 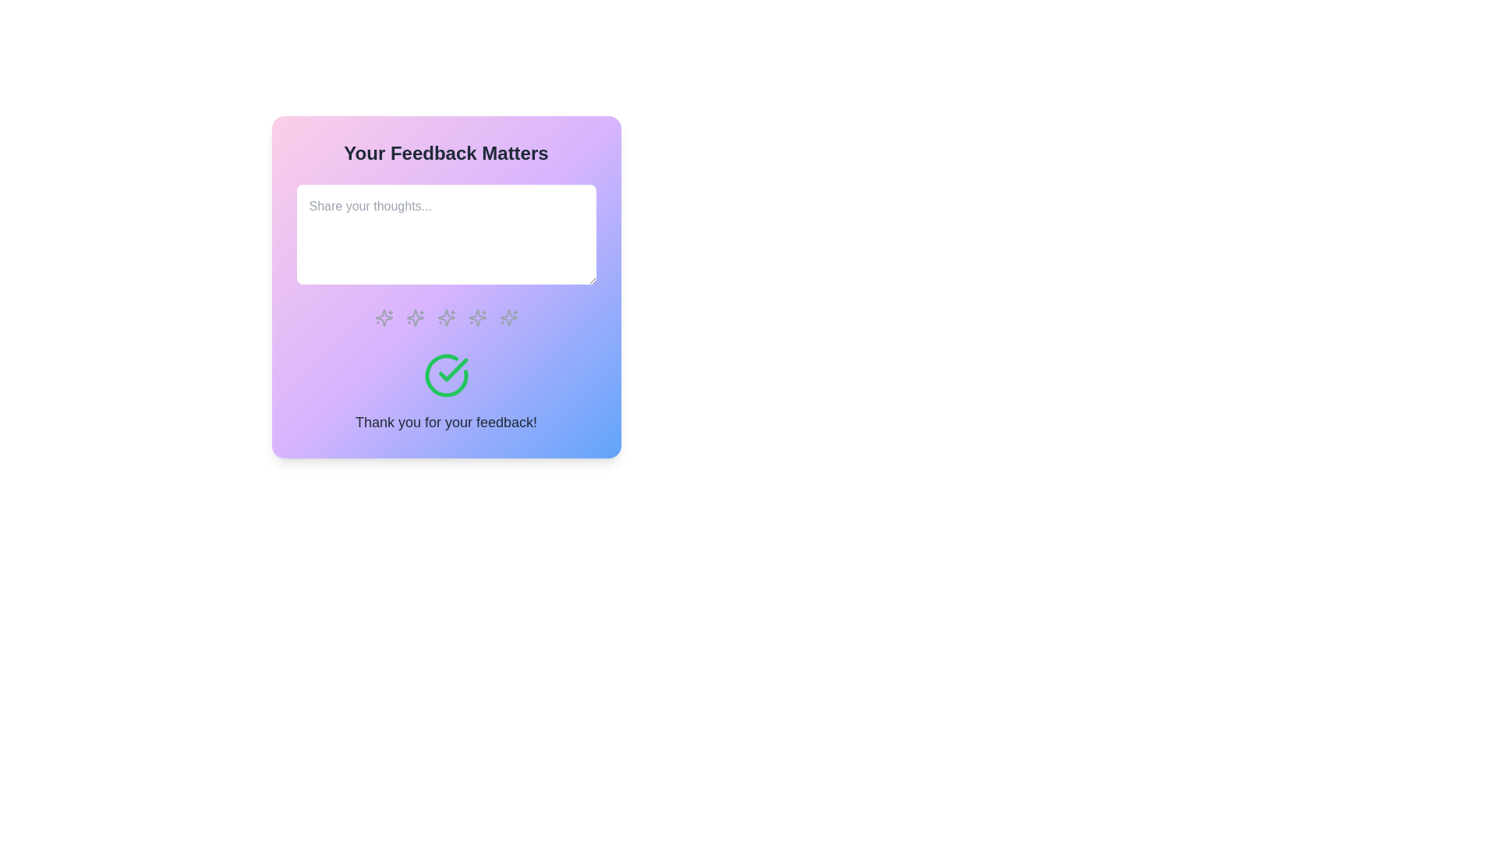 I want to click on the first star icon in the rating options of the feedback form, located directly below the input box, so click(x=384, y=317).